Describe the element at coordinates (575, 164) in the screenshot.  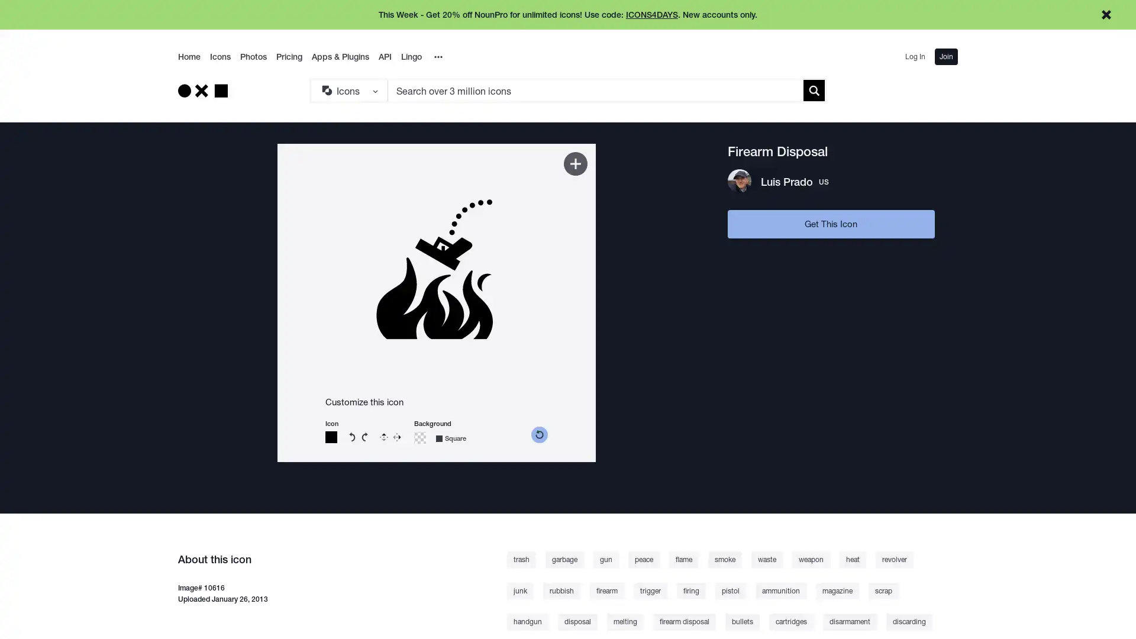
I see `Add to Kit` at that location.